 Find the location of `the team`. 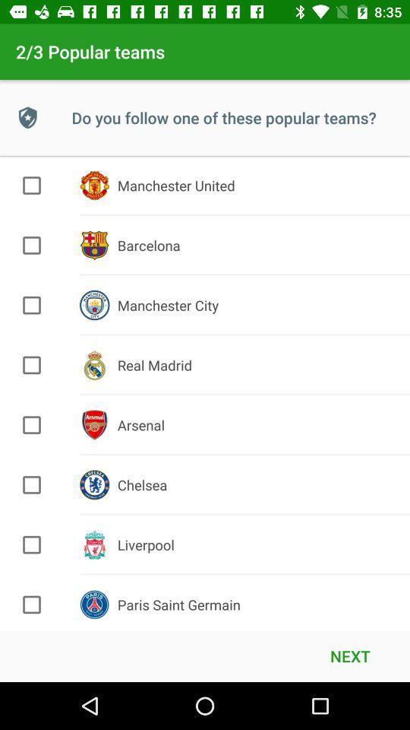

the team is located at coordinates (32, 245).